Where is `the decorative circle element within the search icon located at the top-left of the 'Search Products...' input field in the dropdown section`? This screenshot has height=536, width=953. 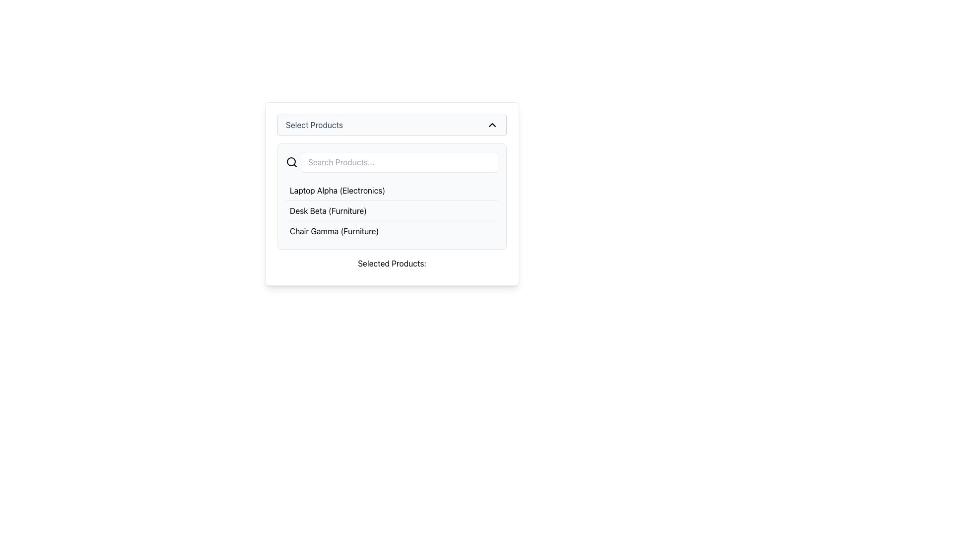
the decorative circle element within the search icon located at the top-left of the 'Search Products...' input field in the dropdown section is located at coordinates (290, 161).